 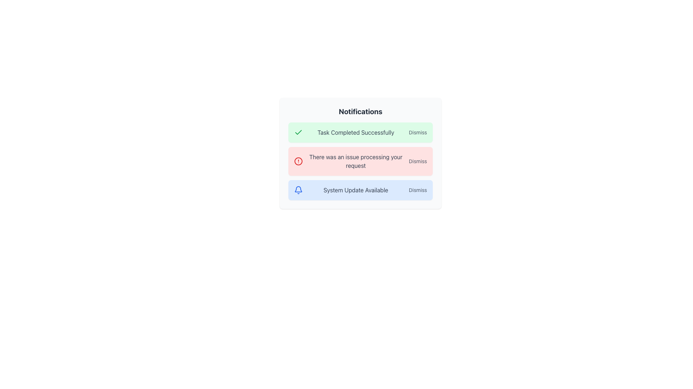 What do you see at coordinates (298, 161) in the screenshot?
I see `the red circular alert icon located to the left of the notification text 'There was an issue processing your request' in the notifications panel` at bounding box center [298, 161].